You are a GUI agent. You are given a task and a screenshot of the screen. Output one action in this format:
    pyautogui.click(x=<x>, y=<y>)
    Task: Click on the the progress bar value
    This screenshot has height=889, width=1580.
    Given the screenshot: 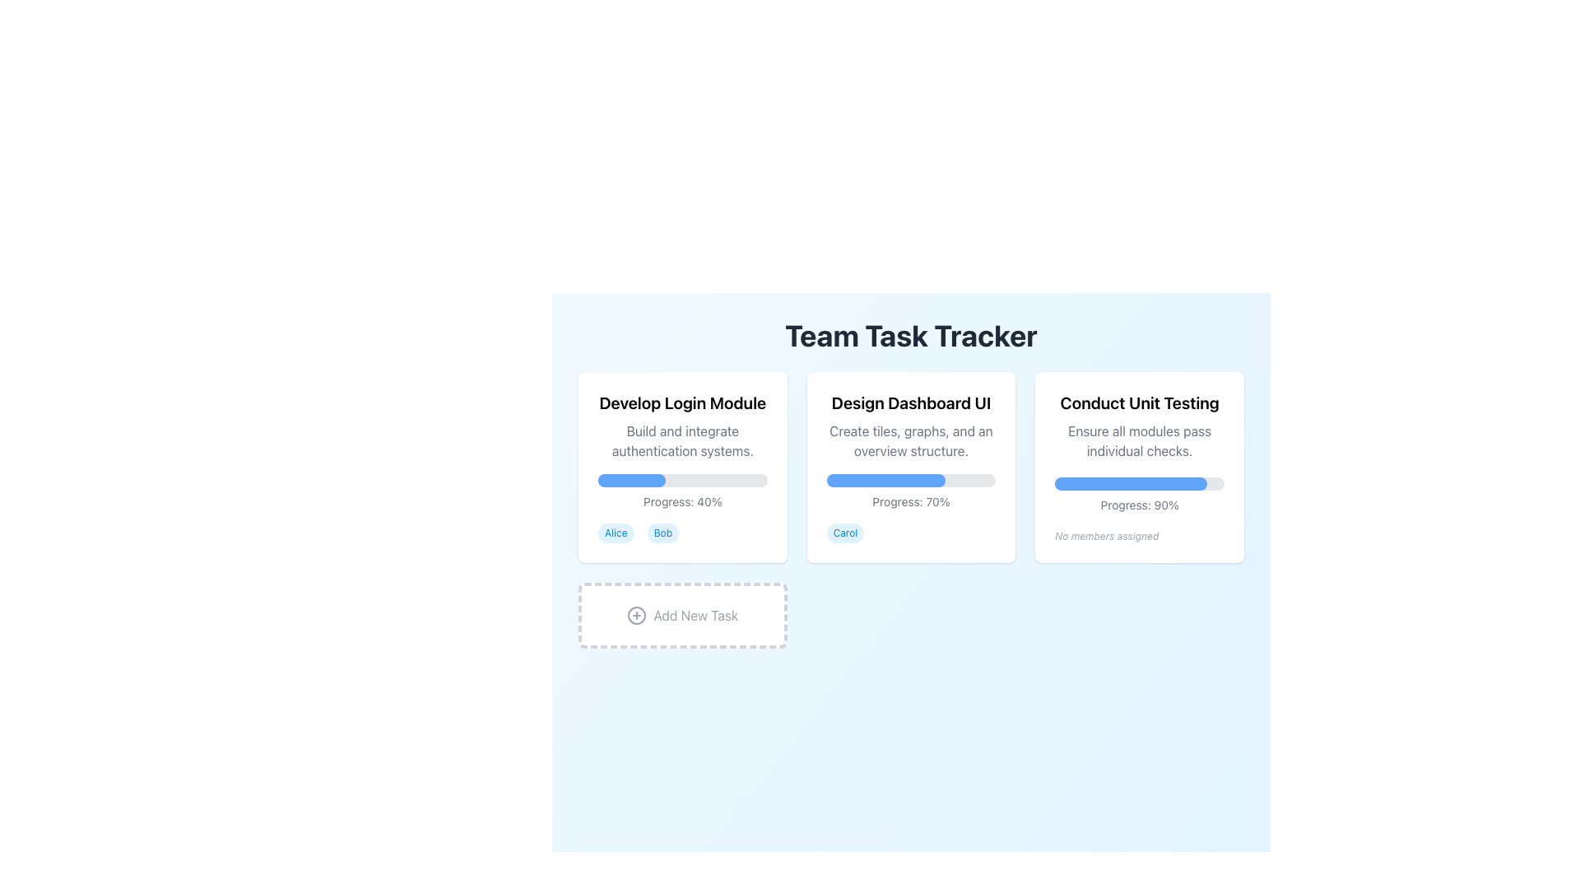 What is the action you would take?
    pyautogui.click(x=630, y=480)
    